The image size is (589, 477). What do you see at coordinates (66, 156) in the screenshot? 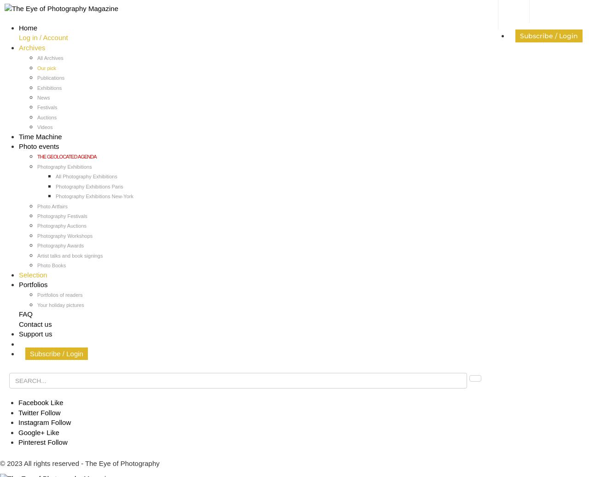
I see `'THE GEOLOCATED AGENDA'` at bounding box center [66, 156].